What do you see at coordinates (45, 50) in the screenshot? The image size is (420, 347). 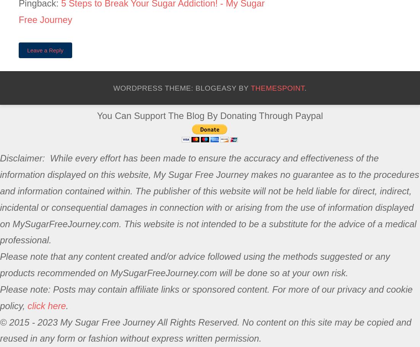 I see `'Leave a Reply'` at bounding box center [45, 50].